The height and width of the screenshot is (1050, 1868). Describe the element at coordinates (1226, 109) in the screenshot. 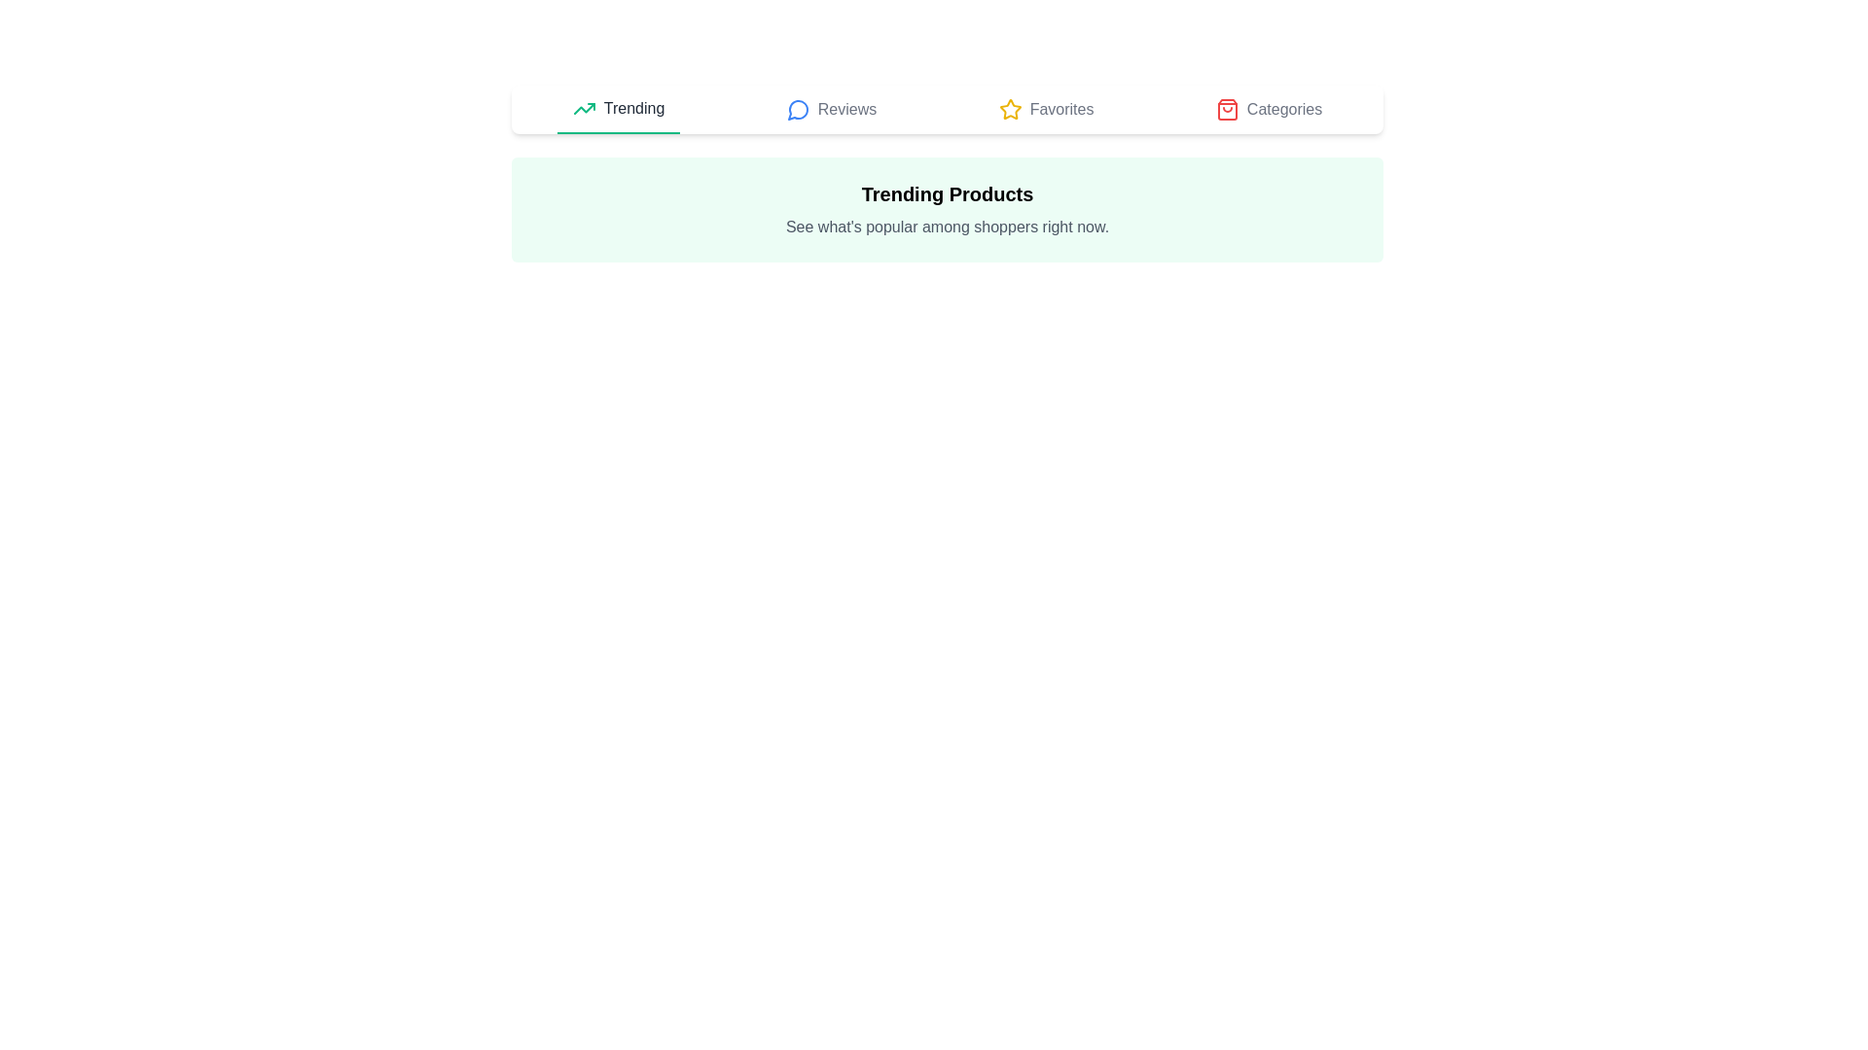

I see `the shopping bag icon located in the header menu section, positioned as the rightmost icon among four options, using accessible navigation tools` at that location.